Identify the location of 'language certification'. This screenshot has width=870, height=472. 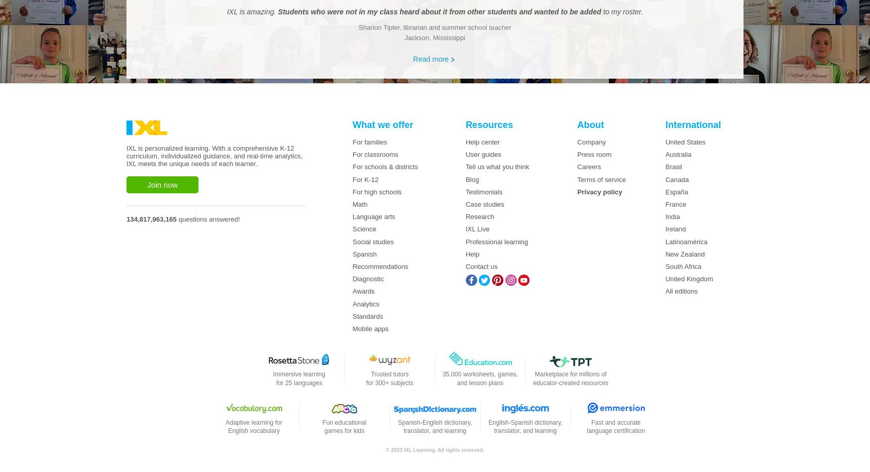
(615, 431).